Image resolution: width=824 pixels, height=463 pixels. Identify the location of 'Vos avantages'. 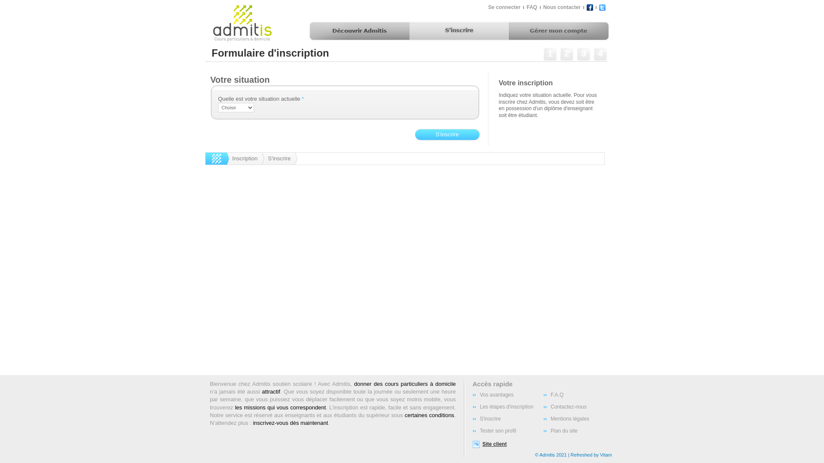
(508, 395).